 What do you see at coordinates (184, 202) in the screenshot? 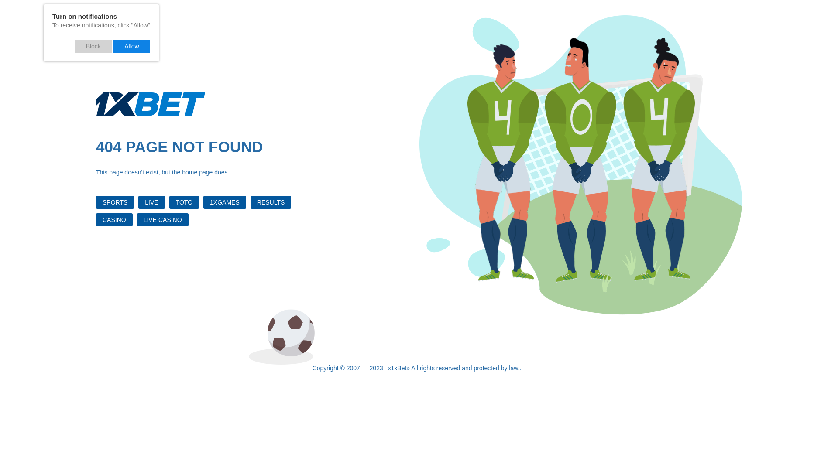
I see `'TOTO'` at bounding box center [184, 202].